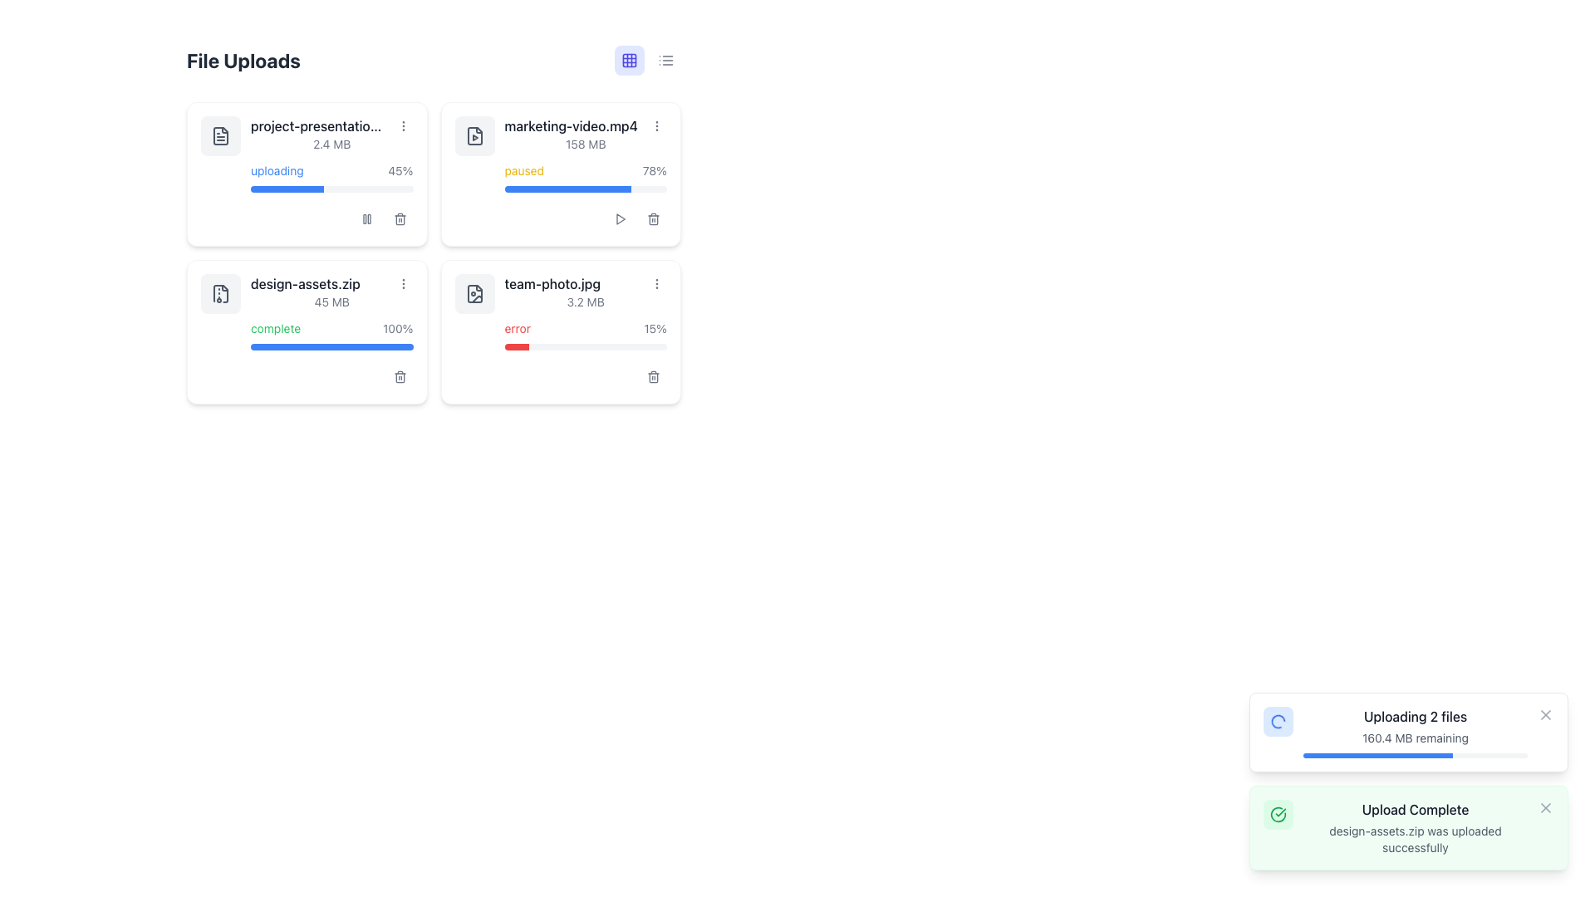 The width and height of the screenshot is (1595, 897). What do you see at coordinates (287, 188) in the screenshot?
I see `the blue progress bar that represents the file upload progress, positioned below the text 'uploading' and alongside '45%'` at bounding box center [287, 188].